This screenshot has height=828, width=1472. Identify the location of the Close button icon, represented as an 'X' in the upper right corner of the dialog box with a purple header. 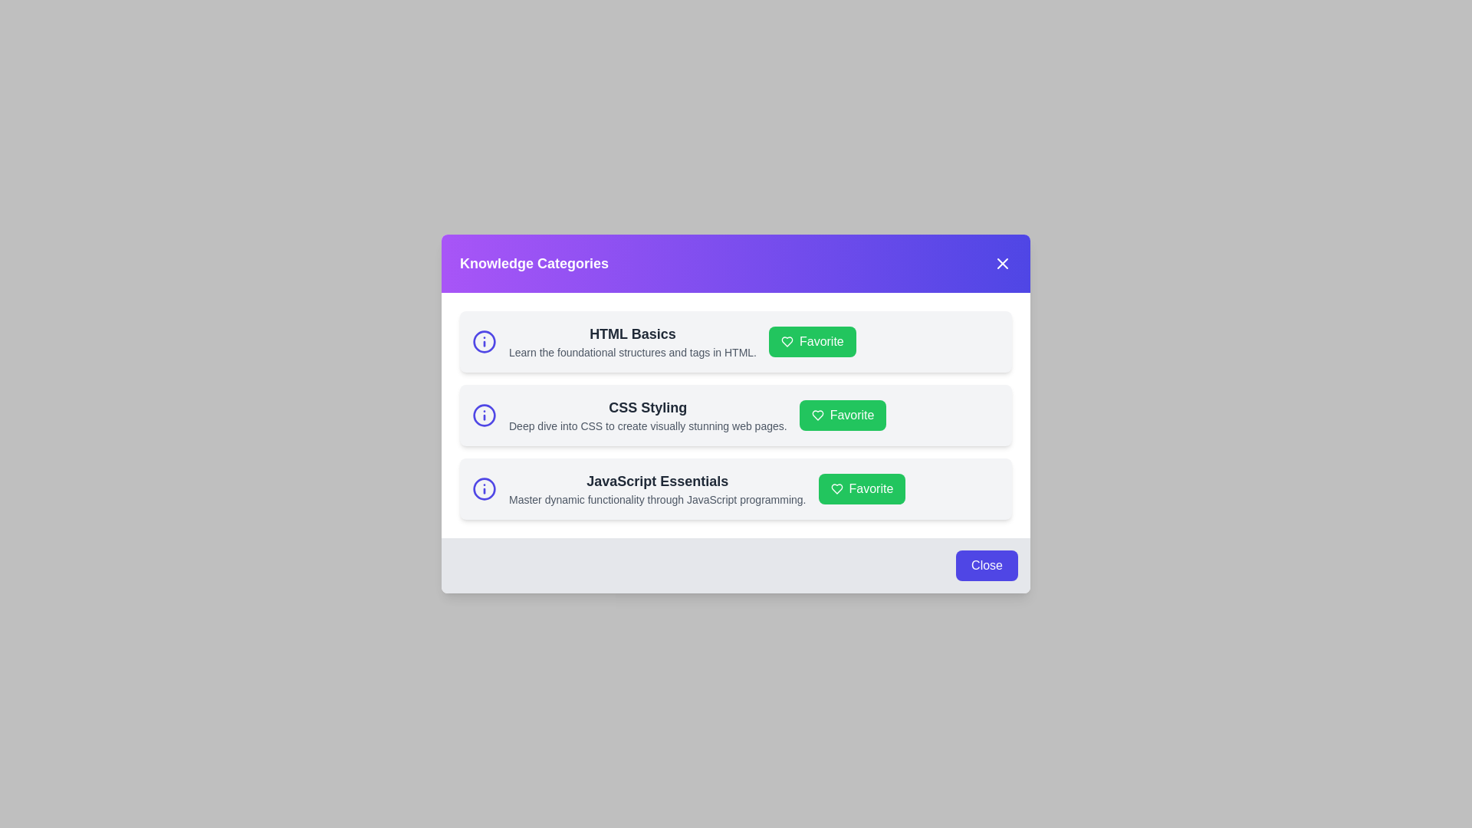
(1003, 262).